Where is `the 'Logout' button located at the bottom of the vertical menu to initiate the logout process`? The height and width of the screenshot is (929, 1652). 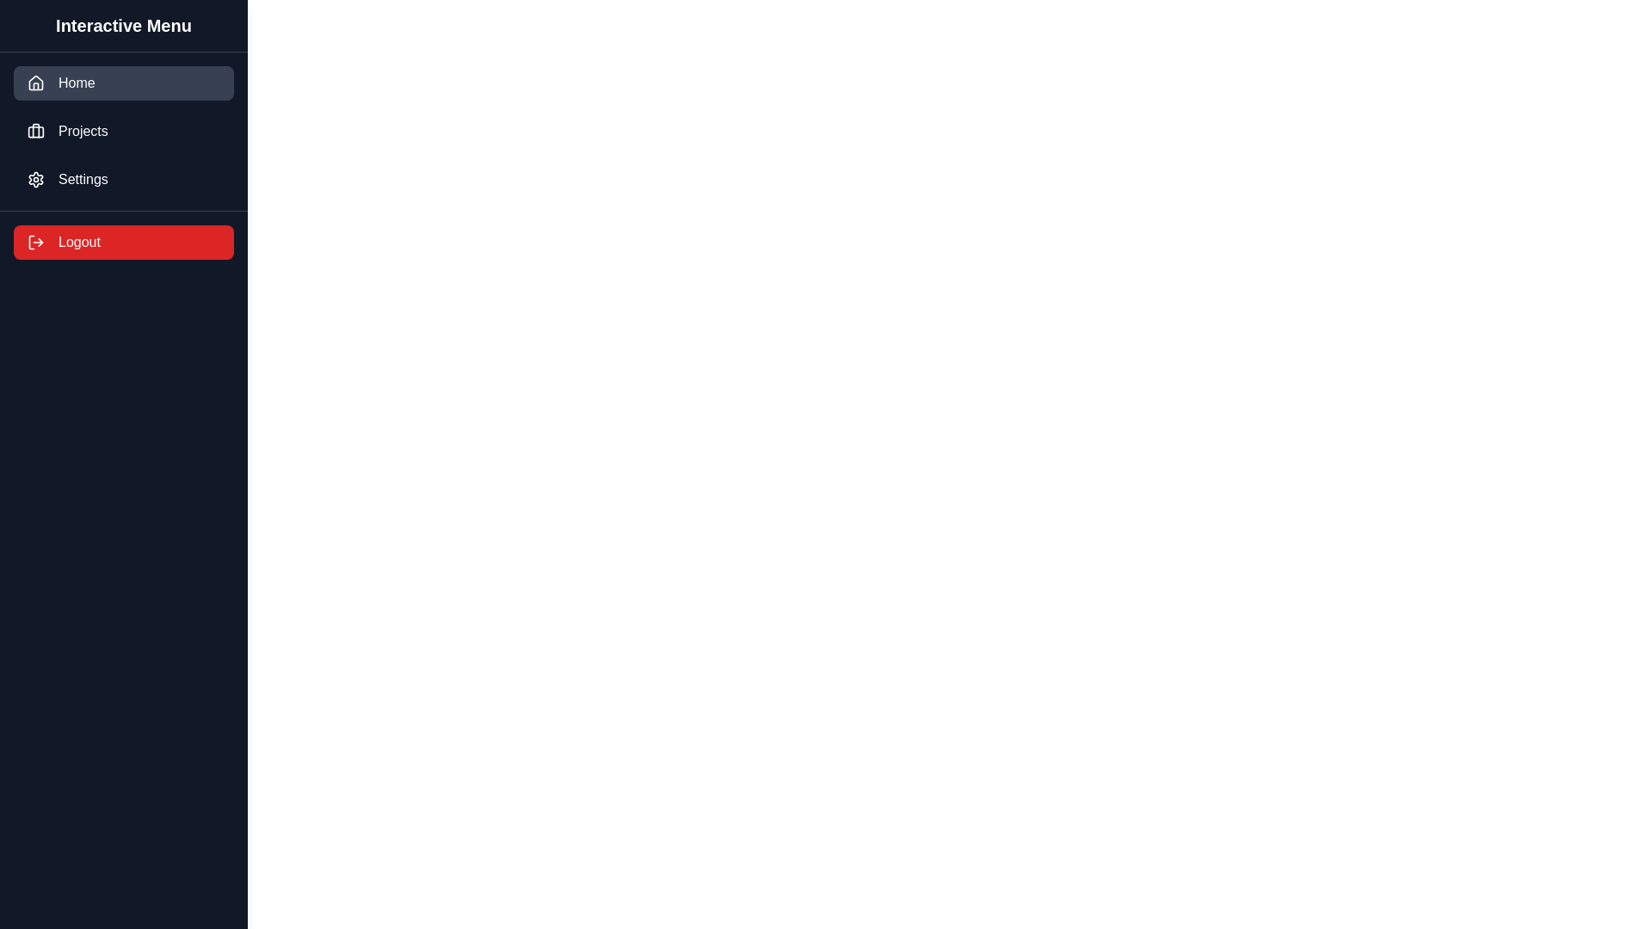
the 'Logout' button located at the bottom of the vertical menu to initiate the logout process is located at coordinates (123, 242).